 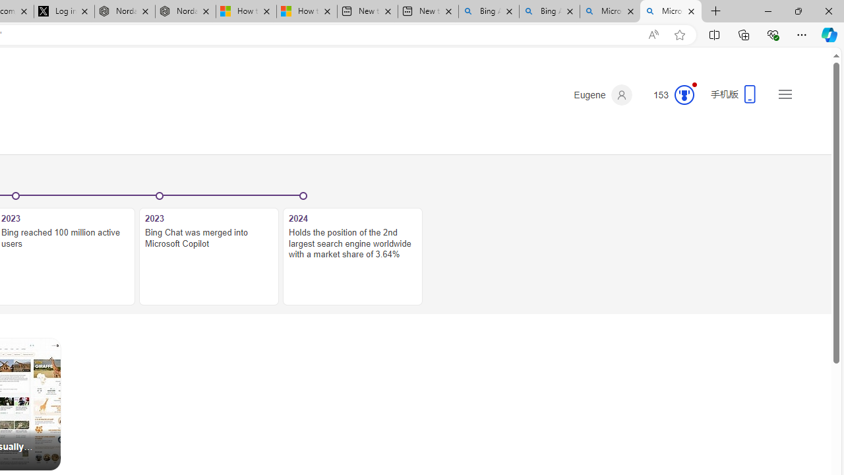 I want to click on 'Microsoft Bing Timeline - Search', so click(x=671, y=11).